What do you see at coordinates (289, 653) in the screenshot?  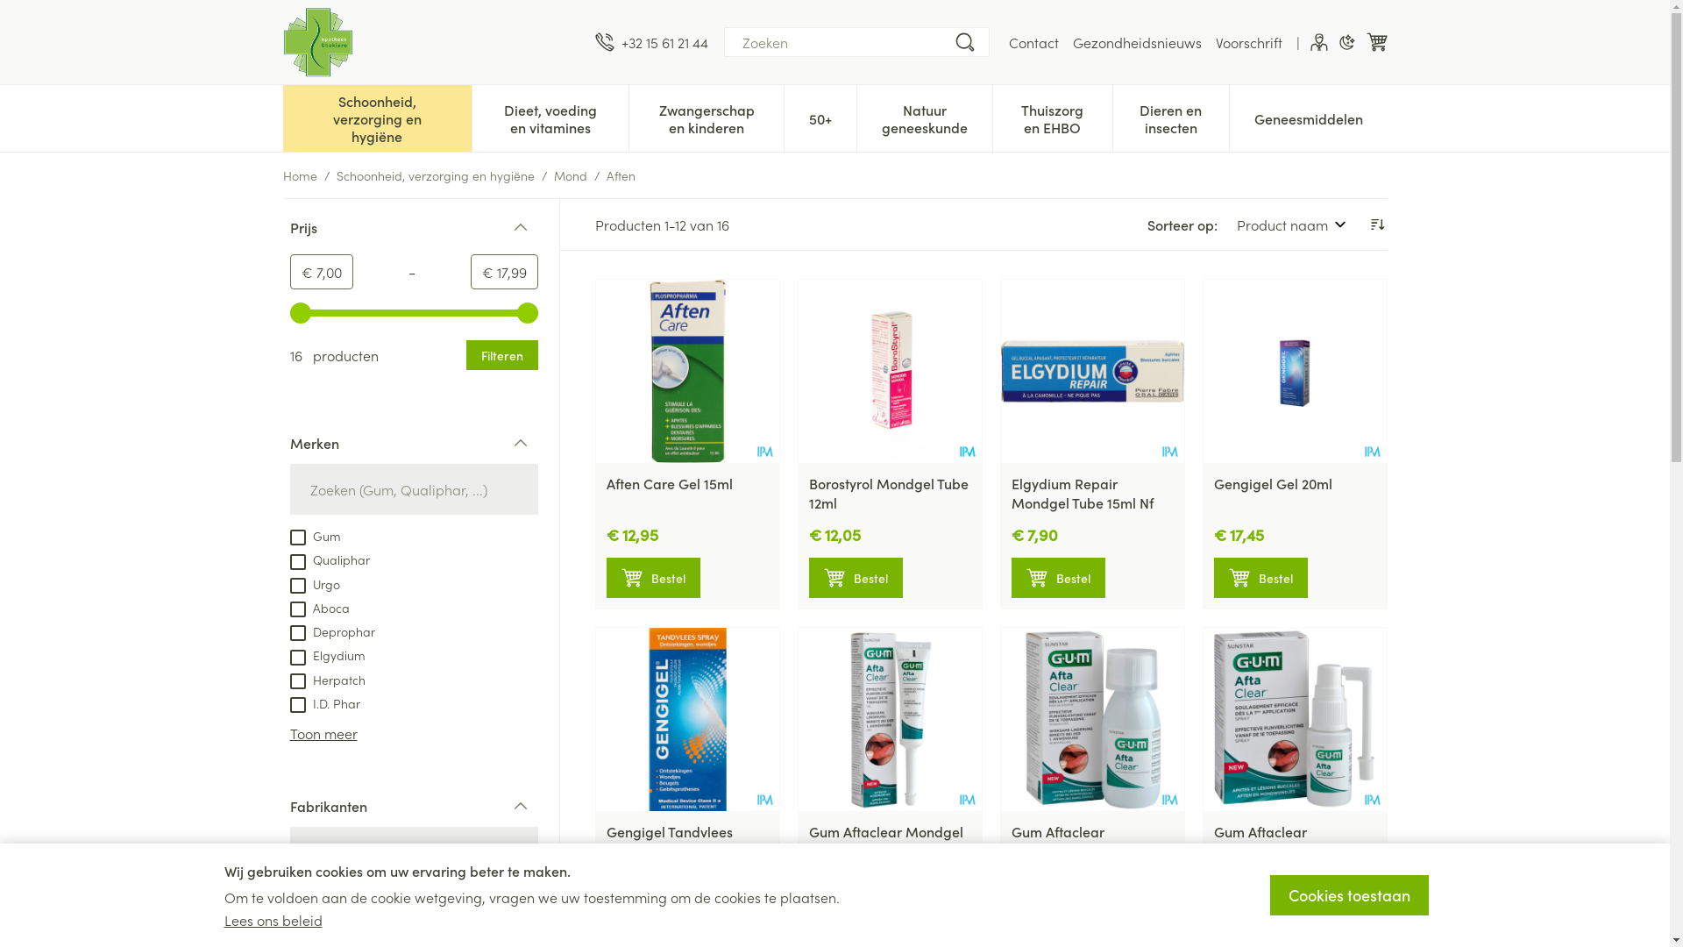 I see `'Elgydium'` at bounding box center [289, 653].